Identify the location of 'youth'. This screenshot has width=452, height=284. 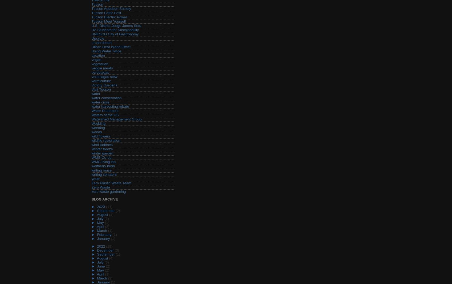
(96, 179).